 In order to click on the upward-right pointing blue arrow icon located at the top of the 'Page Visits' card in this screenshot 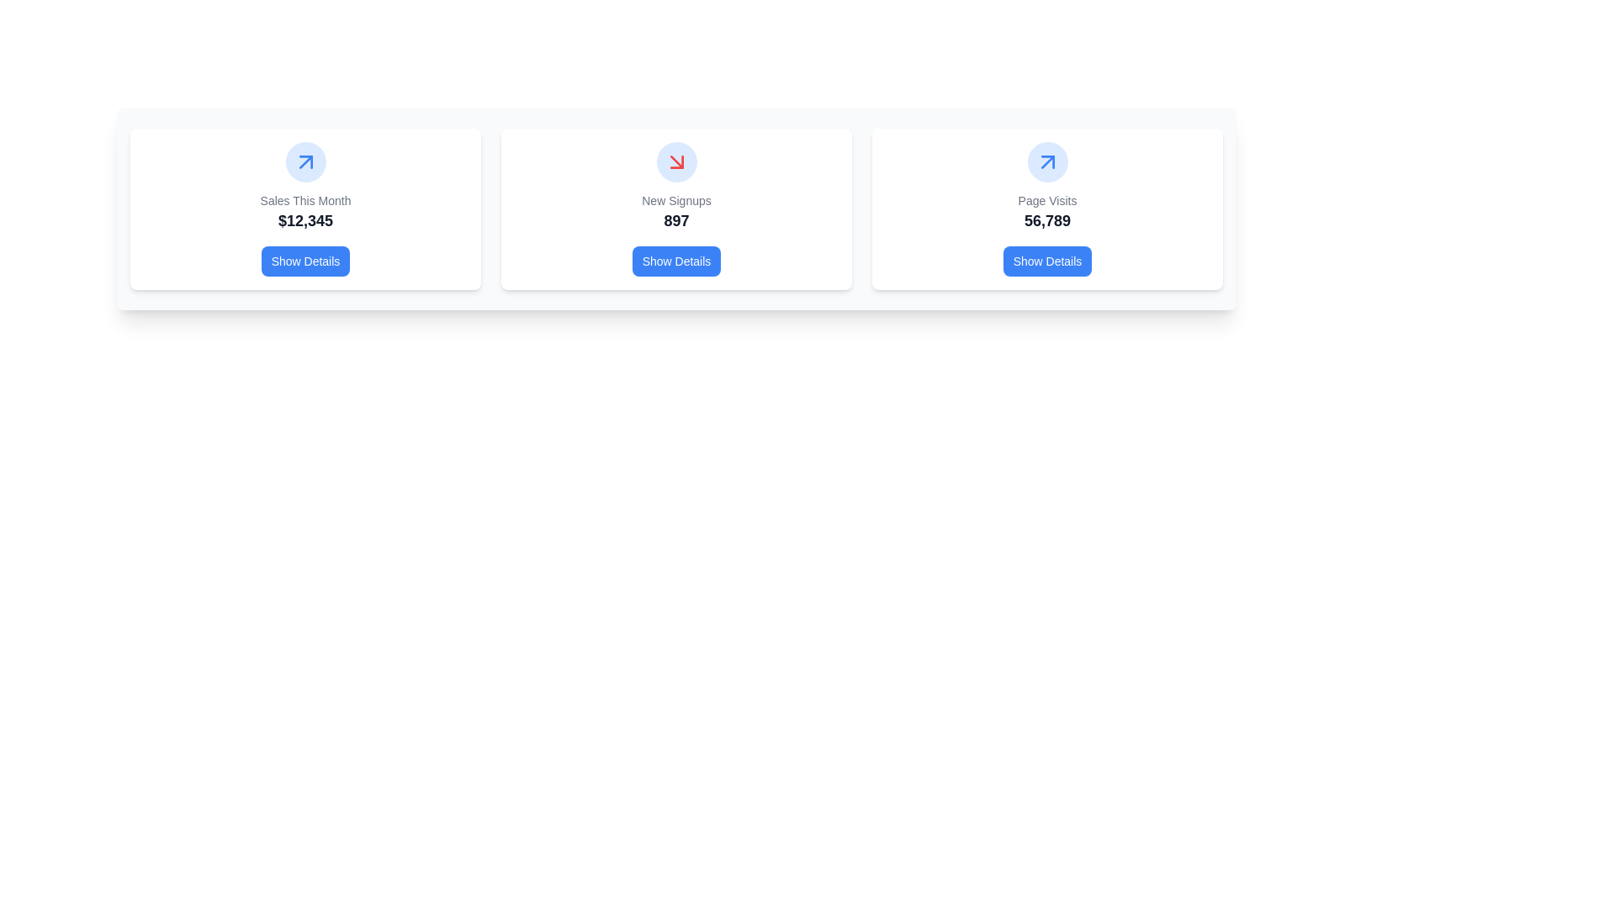, I will do `click(1046, 161)`.